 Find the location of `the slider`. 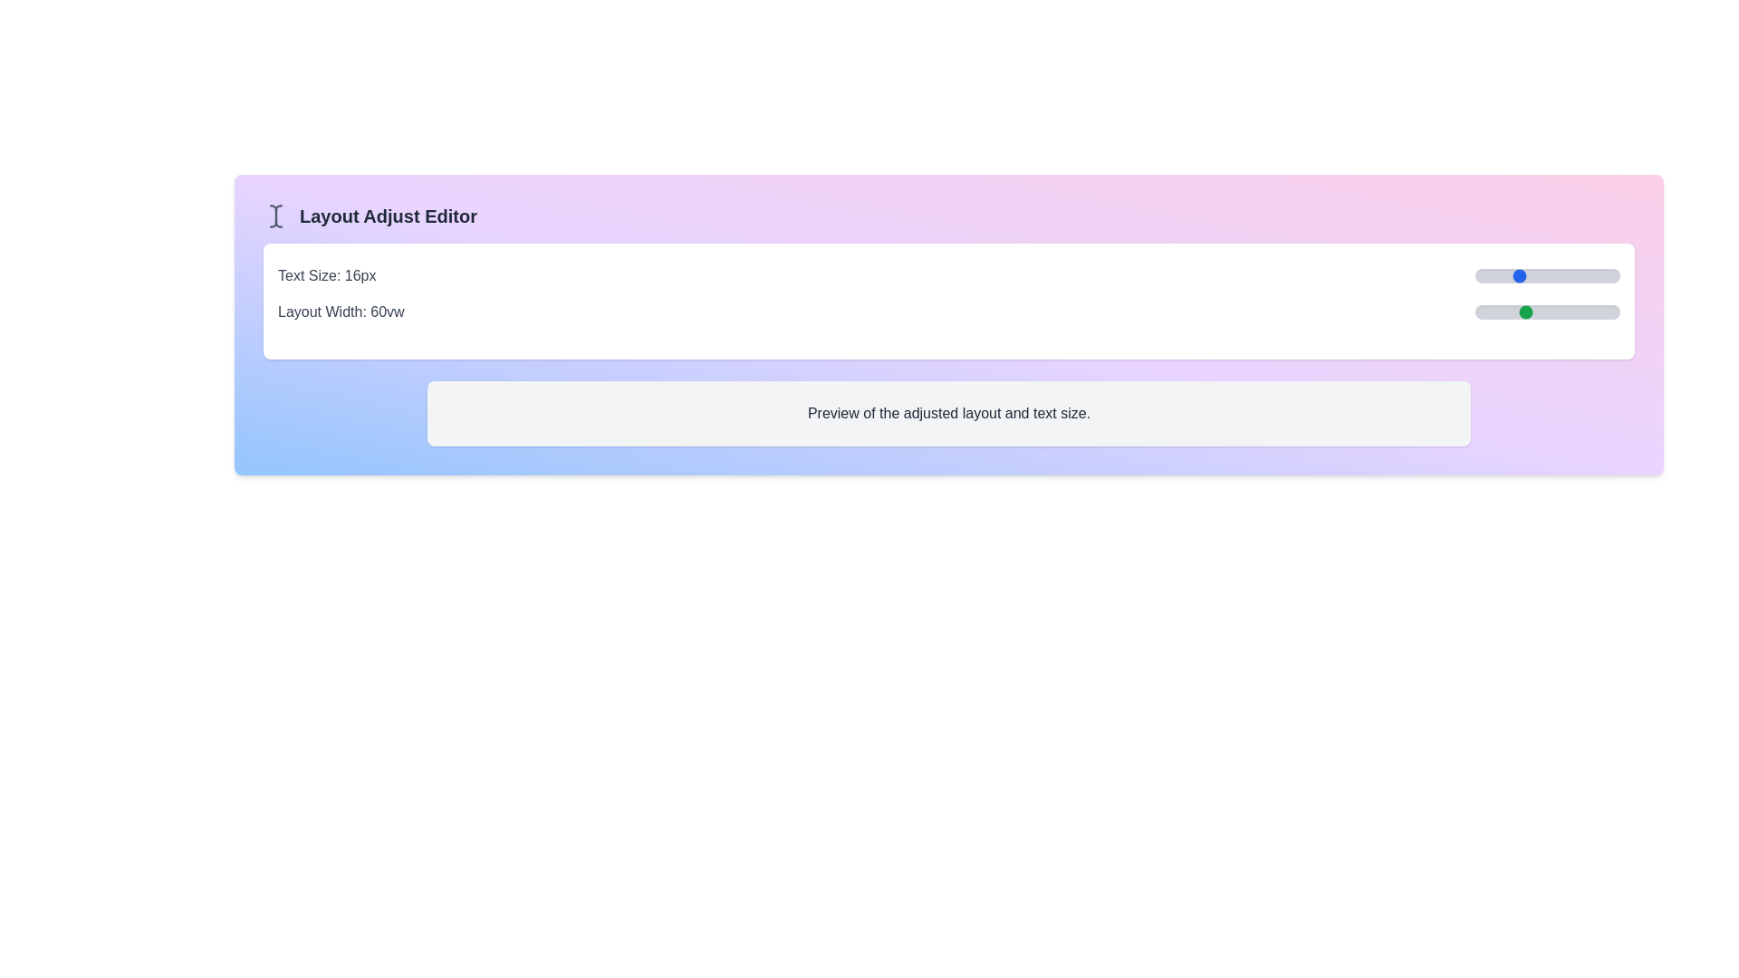

the slider is located at coordinates (1552, 275).